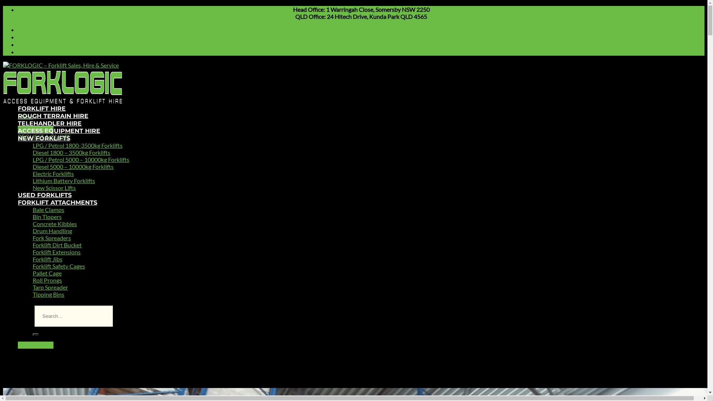  What do you see at coordinates (57, 202) in the screenshot?
I see `'FORKLIFT ATTACHMENTS'` at bounding box center [57, 202].